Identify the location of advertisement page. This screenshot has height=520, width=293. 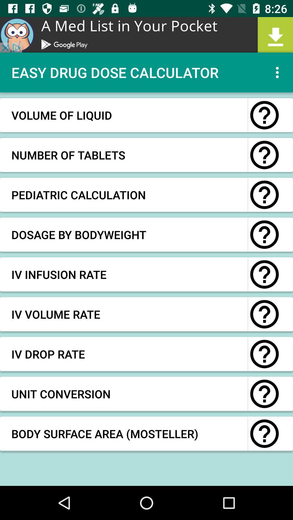
(146, 34).